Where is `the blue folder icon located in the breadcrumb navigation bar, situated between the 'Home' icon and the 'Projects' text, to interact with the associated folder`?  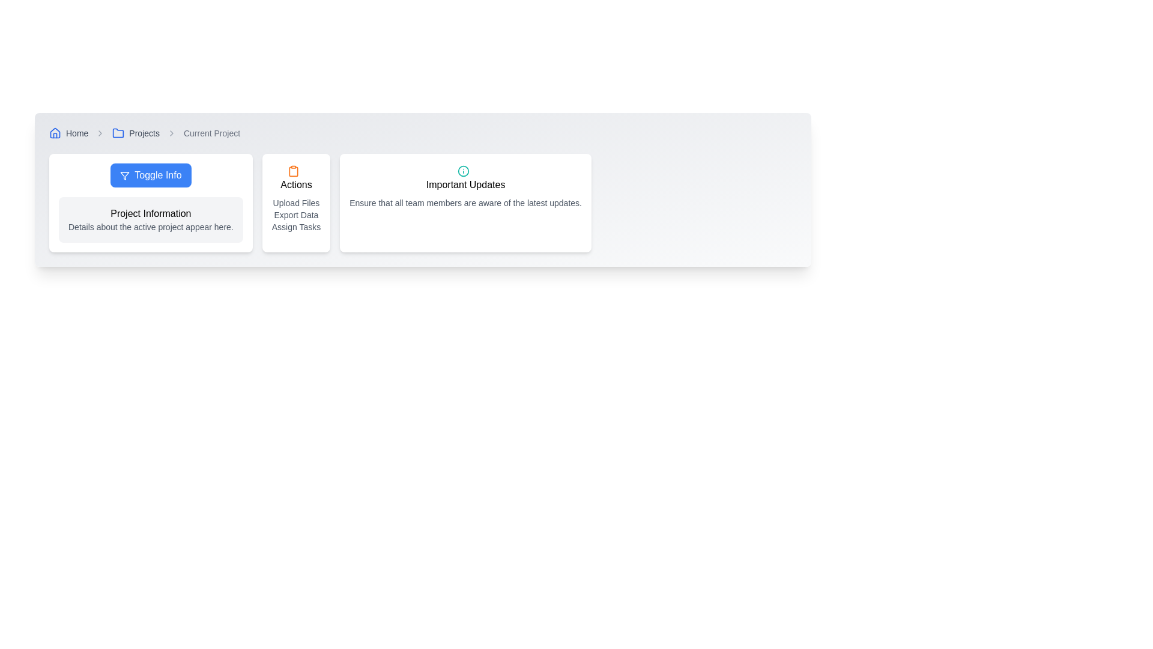 the blue folder icon located in the breadcrumb navigation bar, situated between the 'Home' icon and the 'Projects' text, to interact with the associated folder is located at coordinates (118, 133).